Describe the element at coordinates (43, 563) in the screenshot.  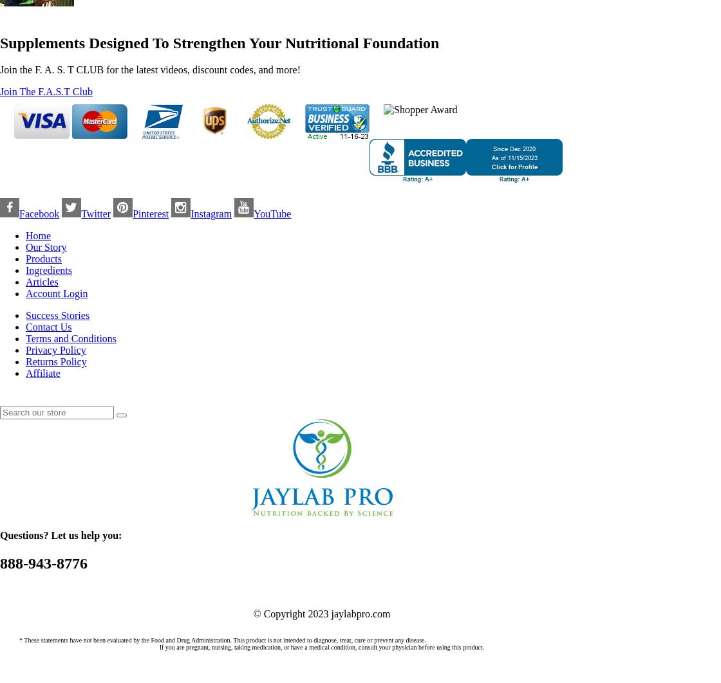
I see `'888-943-8776'` at that location.